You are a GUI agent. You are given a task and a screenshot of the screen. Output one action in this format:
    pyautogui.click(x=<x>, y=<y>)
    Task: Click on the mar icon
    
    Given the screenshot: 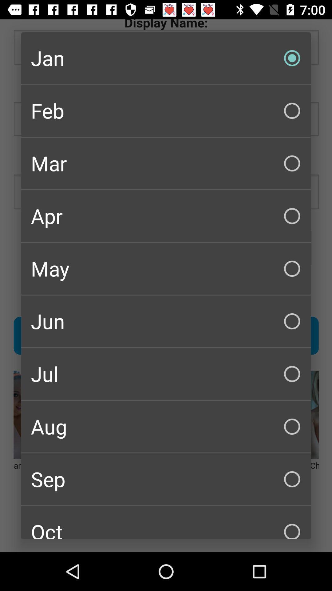 What is the action you would take?
    pyautogui.click(x=166, y=163)
    